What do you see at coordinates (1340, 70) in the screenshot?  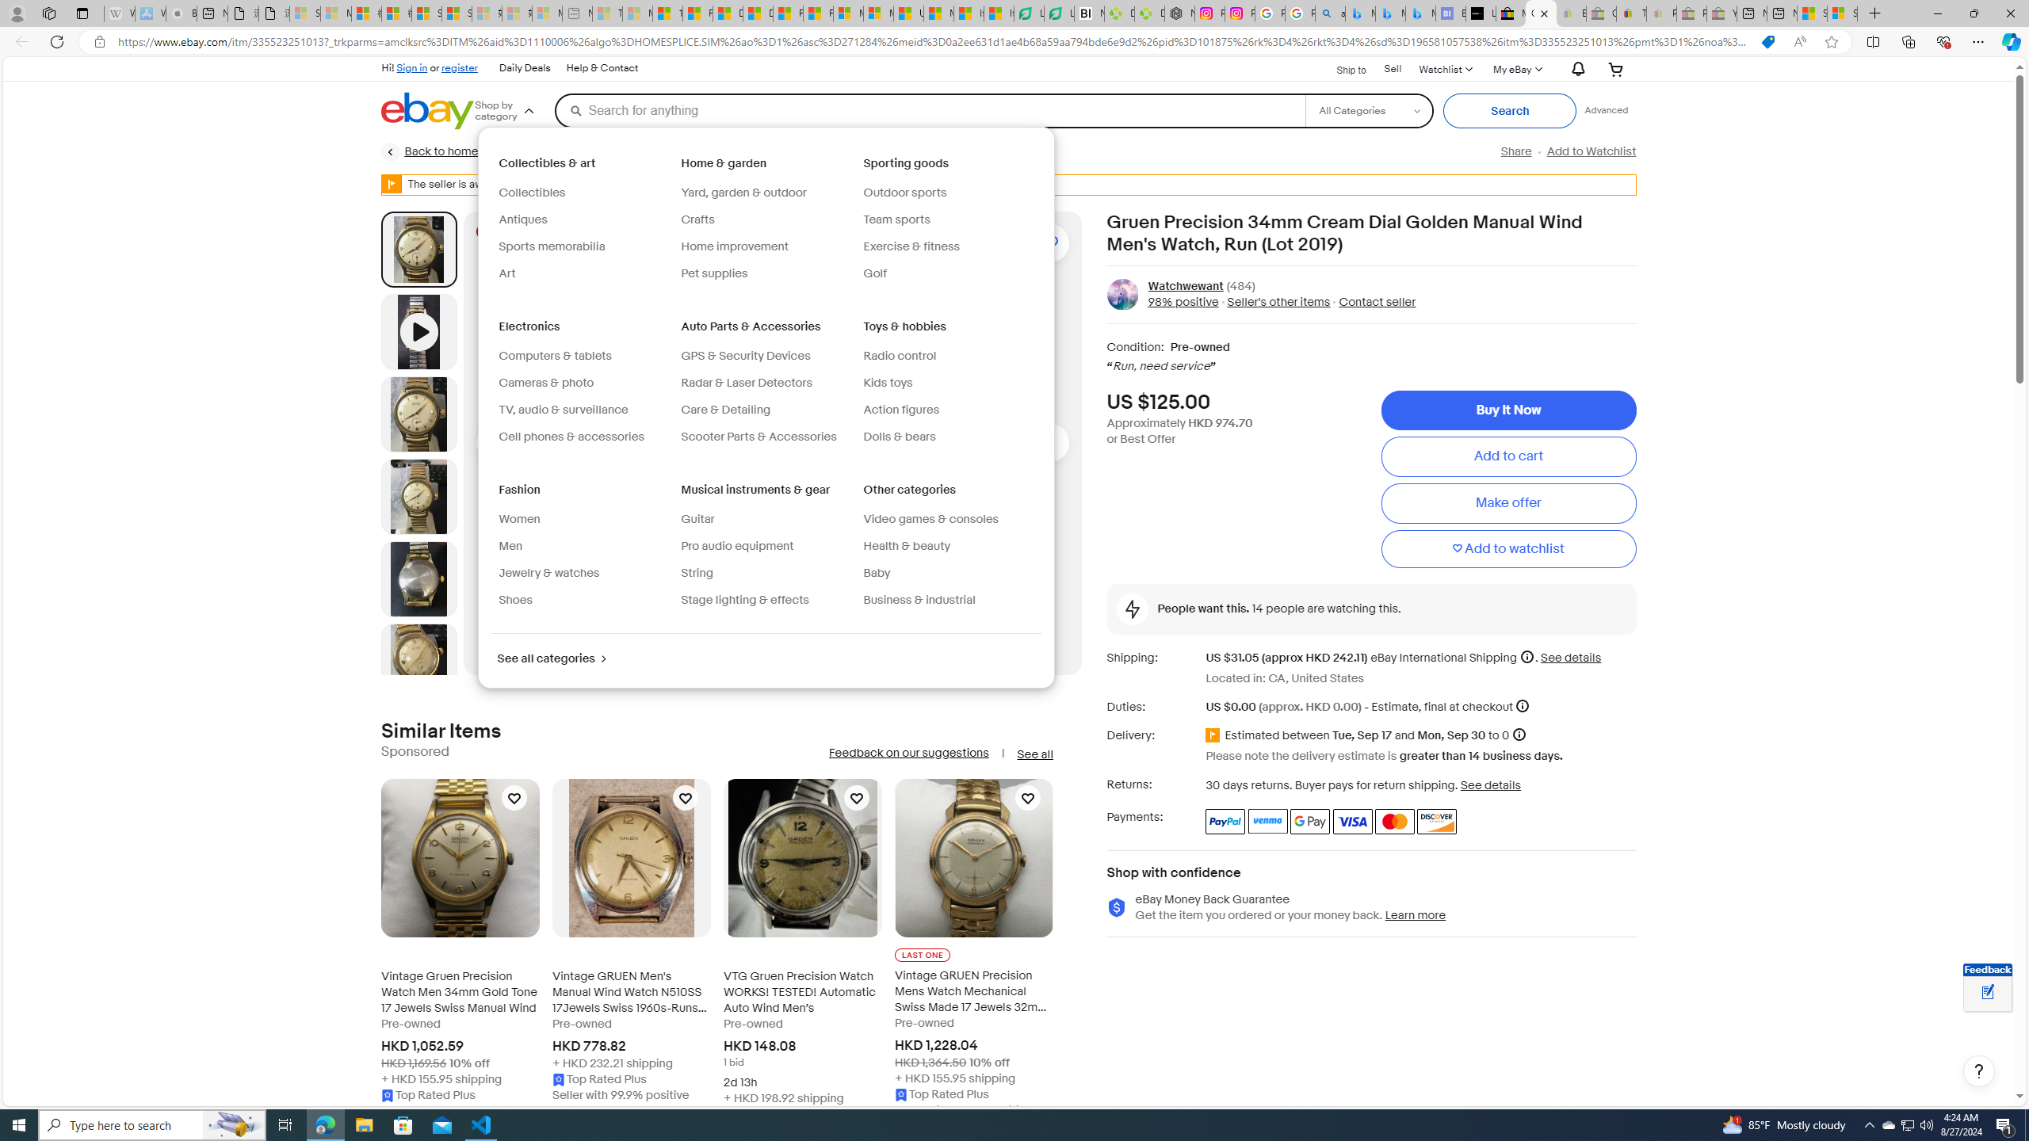 I see `'Ship to'` at bounding box center [1340, 70].